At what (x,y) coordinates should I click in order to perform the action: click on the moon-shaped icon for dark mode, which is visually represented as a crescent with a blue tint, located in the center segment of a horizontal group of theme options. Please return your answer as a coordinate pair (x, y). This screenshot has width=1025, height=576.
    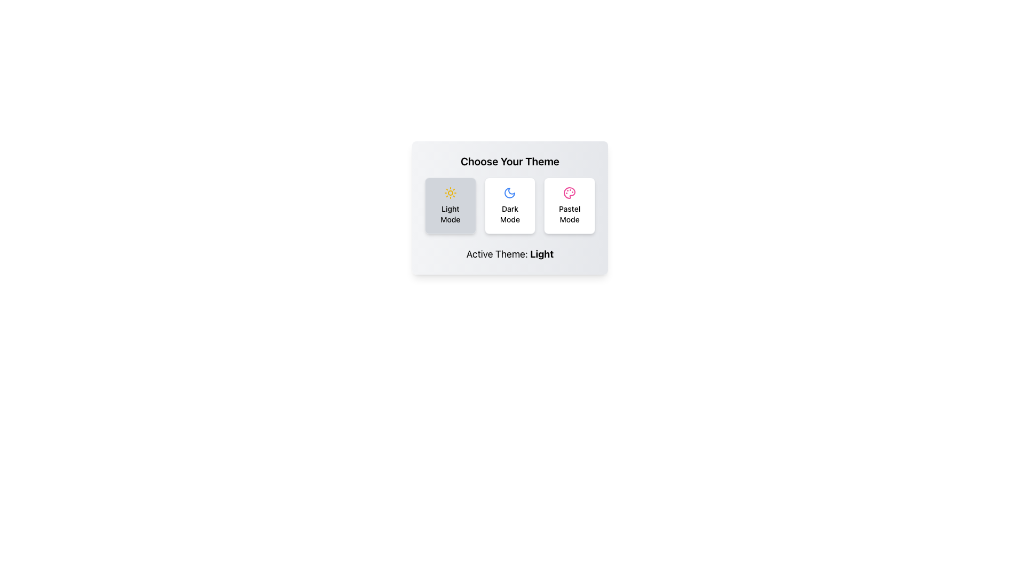
    Looking at the image, I should click on (509, 193).